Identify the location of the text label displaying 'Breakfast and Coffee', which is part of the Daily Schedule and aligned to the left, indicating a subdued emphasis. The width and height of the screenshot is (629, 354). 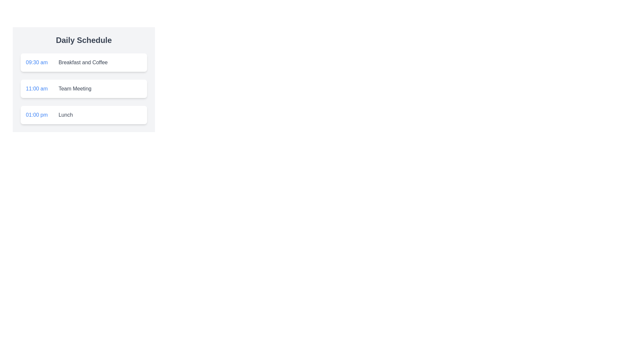
(80, 63).